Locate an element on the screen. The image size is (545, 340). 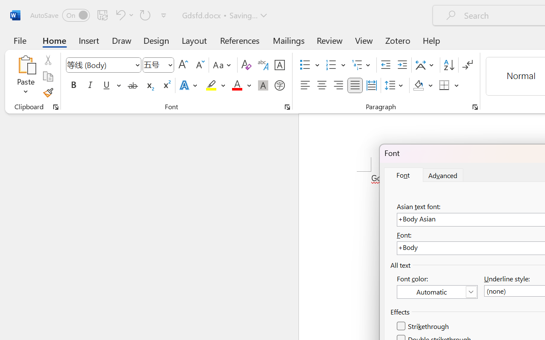
'Subscript' is located at coordinates (149, 85).